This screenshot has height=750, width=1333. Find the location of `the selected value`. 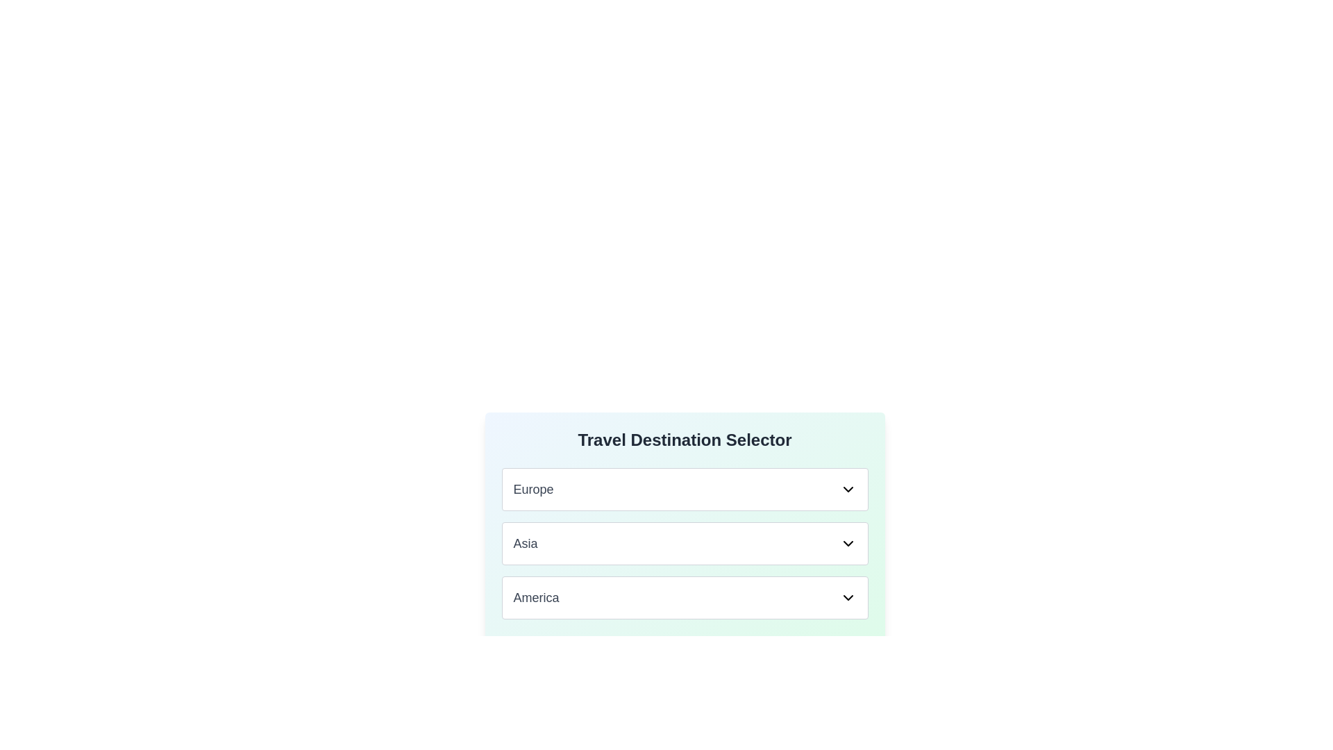

the selected value is located at coordinates (525, 543).